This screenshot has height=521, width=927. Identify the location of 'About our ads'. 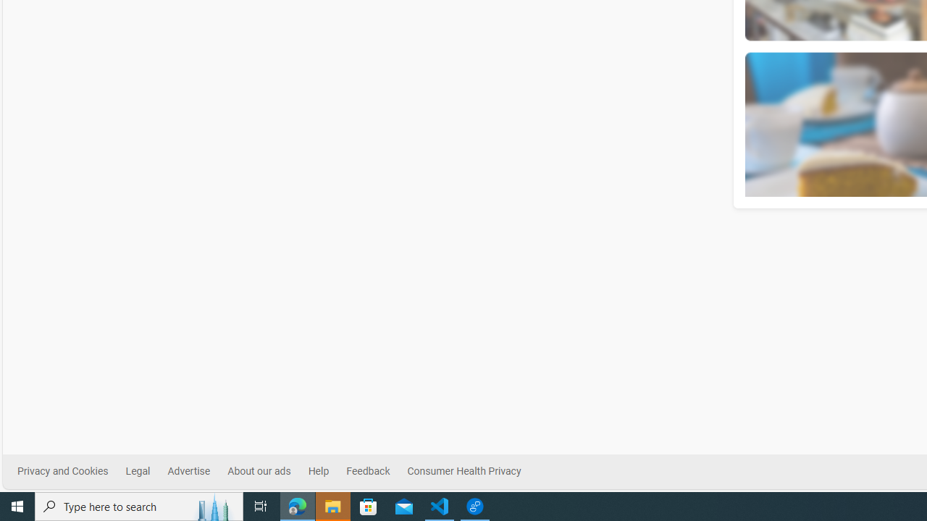
(259, 471).